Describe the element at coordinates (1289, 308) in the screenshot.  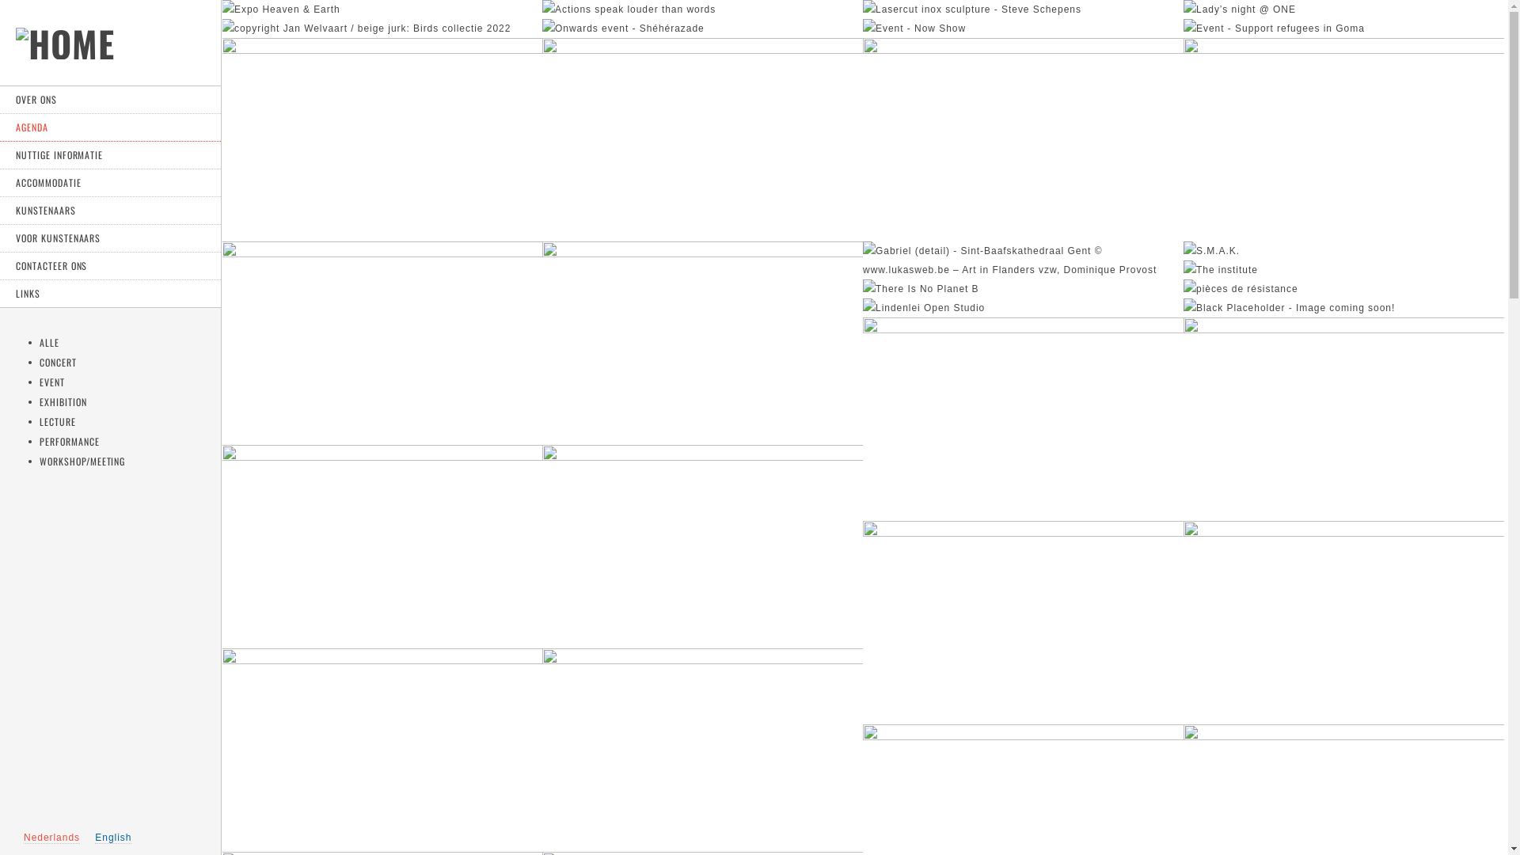
I see `'Black Placeholder - Image coming soon!'` at that location.